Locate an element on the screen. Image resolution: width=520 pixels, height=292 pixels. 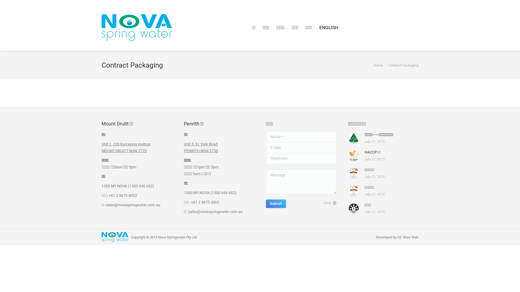
'Home' is located at coordinates (378, 65).